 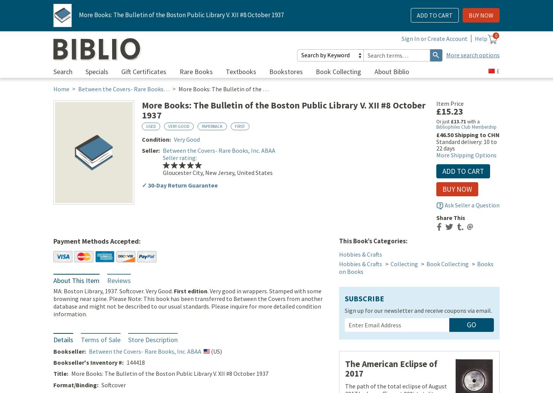 I want to click on 'Payment Methods Accepted', so click(x=96, y=242).